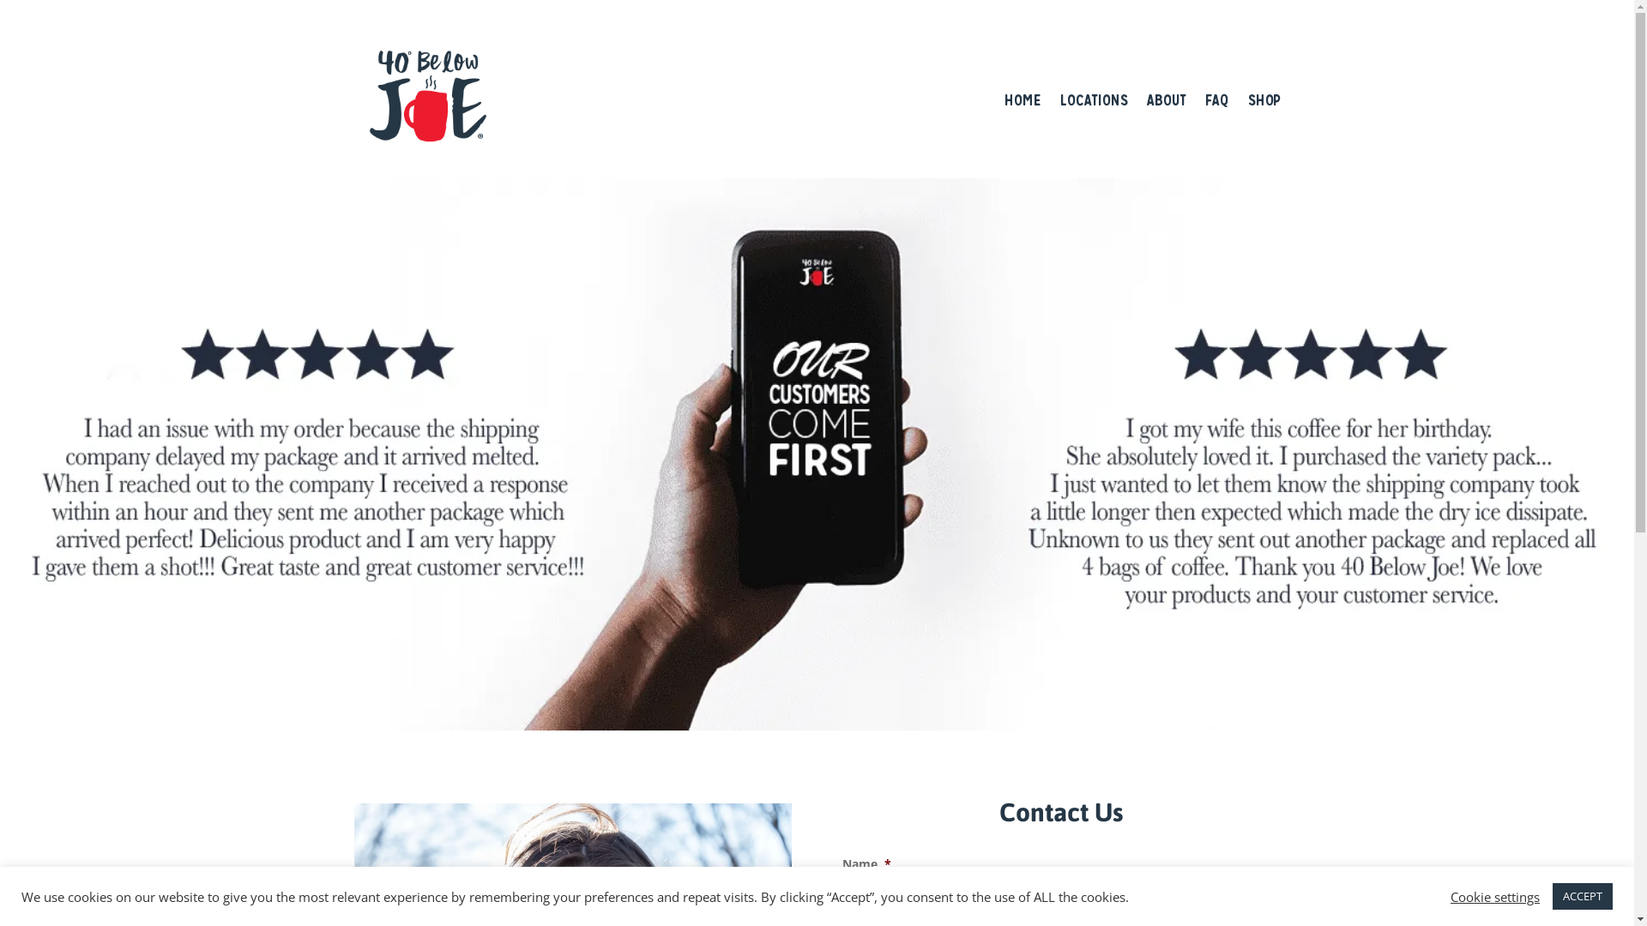 The image size is (1647, 926). Describe the element at coordinates (1581, 895) in the screenshot. I see `'ACCEPT'` at that location.